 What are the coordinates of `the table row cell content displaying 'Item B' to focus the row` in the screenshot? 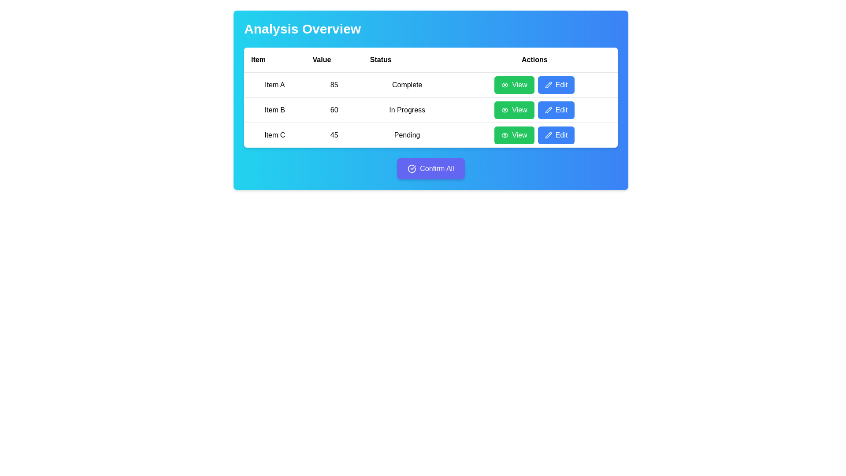 It's located at (431, 109).